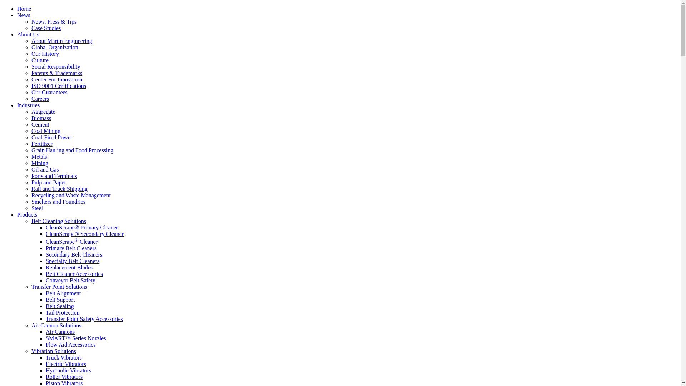 Image resolution: width=686 pixels, height=386 pixels. What do you see at coordinates (31, 112) in the screenshot?
I see `'Aggregate'` at bounding box center [31, 112].